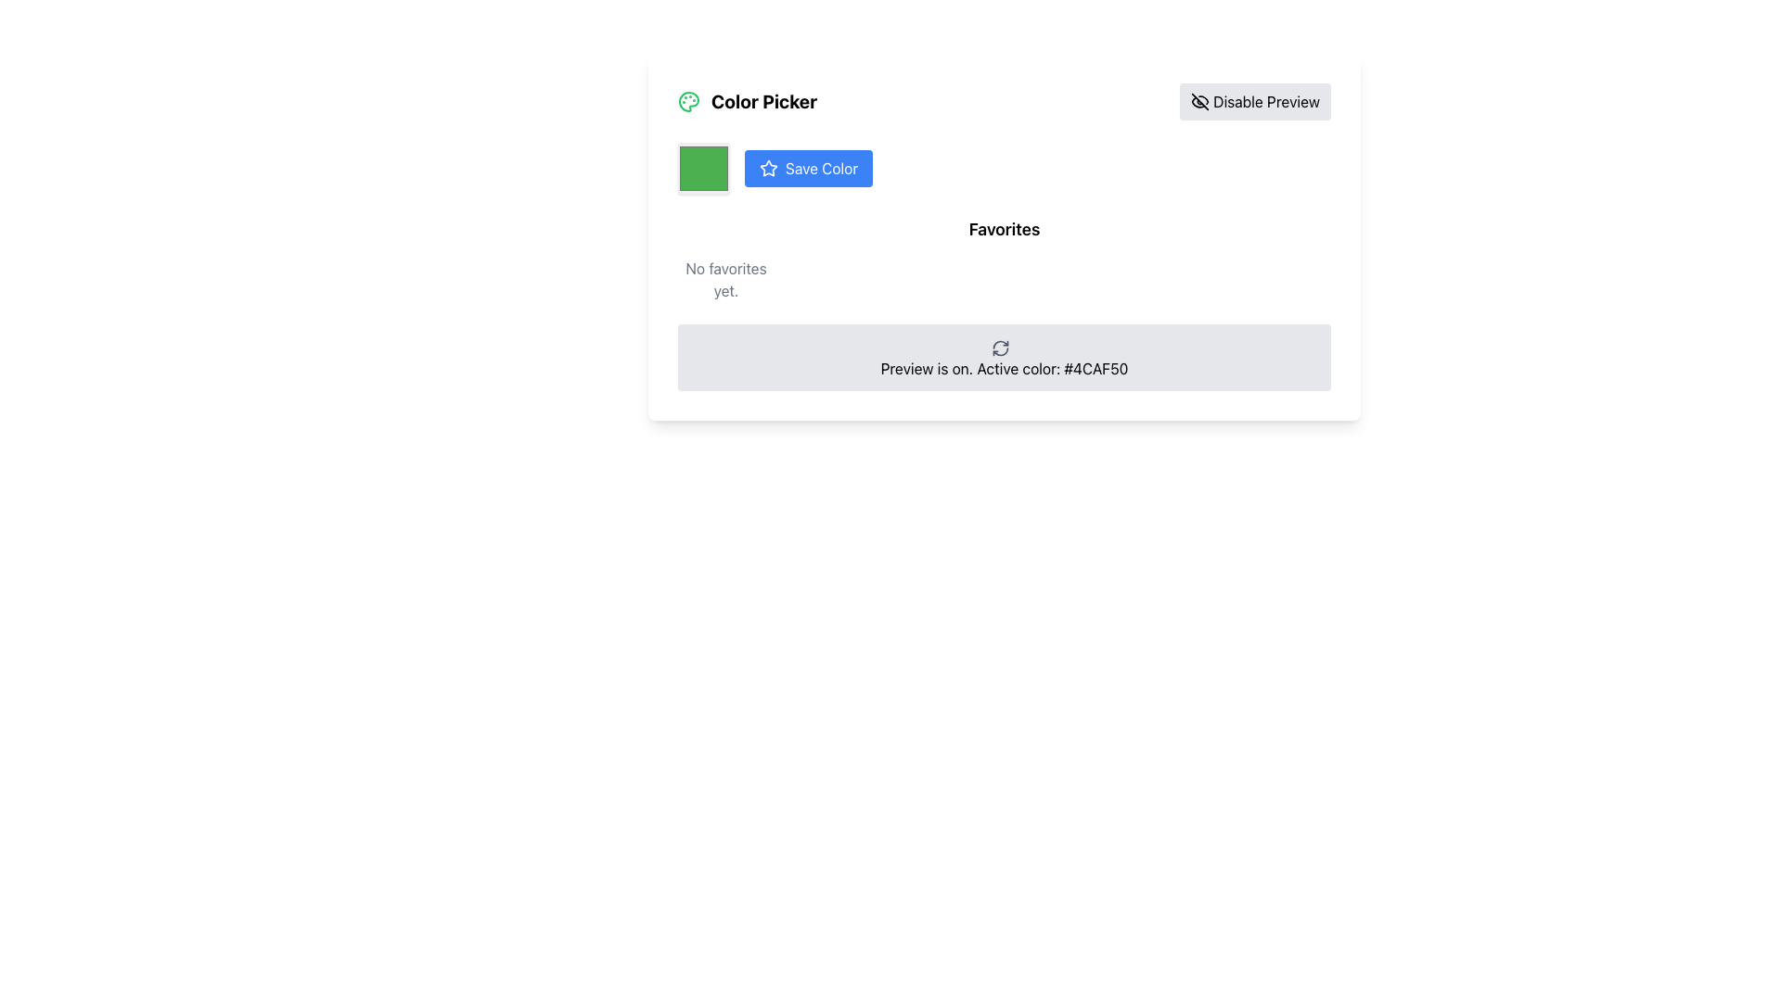  What do you see at coordinates (1198, 102) in the screenshot?
I see `the decorative component of the eye-off icon, which is positioned towards the bottom-left of the other sub-paths` at bounding box center [1198, 102].